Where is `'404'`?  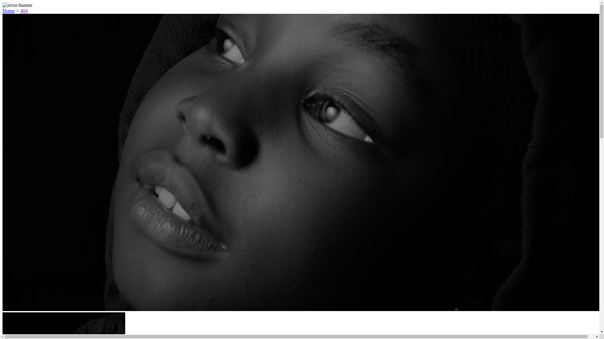
'404' is located at coordinates (20, 11).